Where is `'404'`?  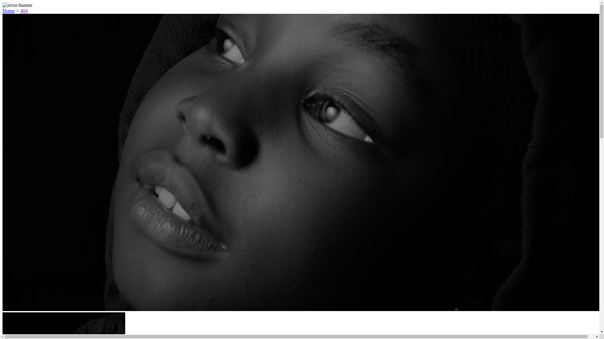
'404' is located at coordinates (20, 11).